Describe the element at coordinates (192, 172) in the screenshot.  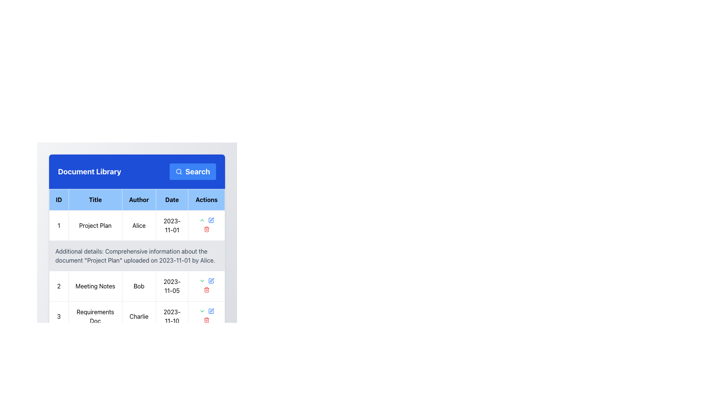
I see `the blue 'Search' button with a magnifying glass icon, located` at that location.